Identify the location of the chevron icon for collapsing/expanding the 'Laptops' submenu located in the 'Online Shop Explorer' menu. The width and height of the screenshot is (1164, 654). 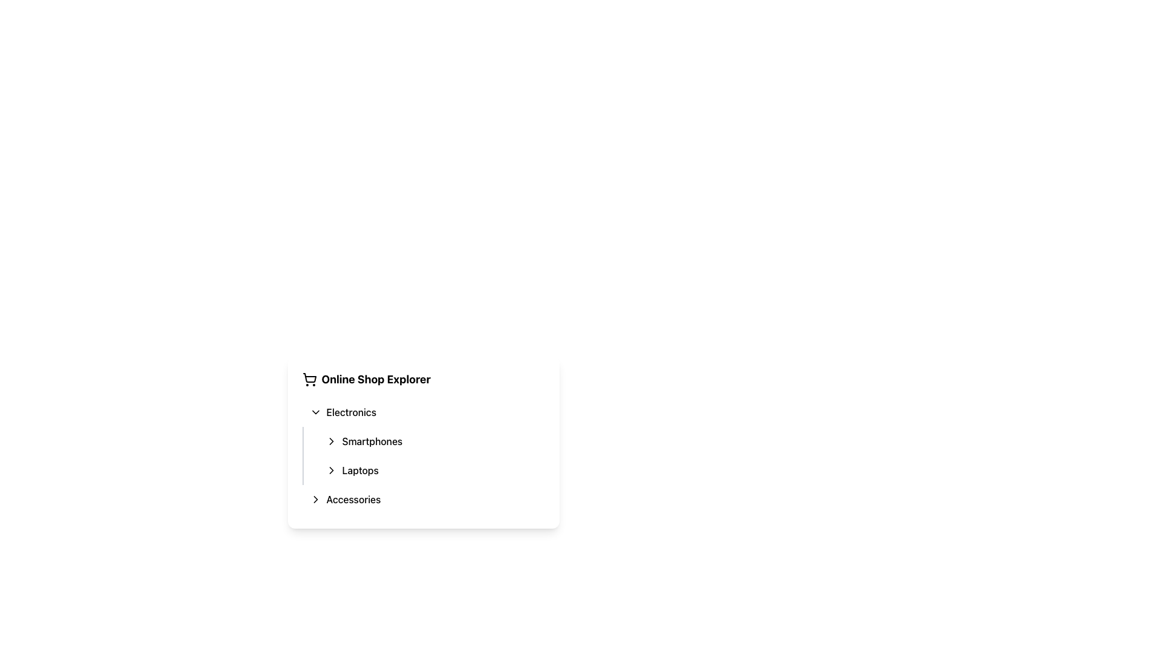
(331, 441).